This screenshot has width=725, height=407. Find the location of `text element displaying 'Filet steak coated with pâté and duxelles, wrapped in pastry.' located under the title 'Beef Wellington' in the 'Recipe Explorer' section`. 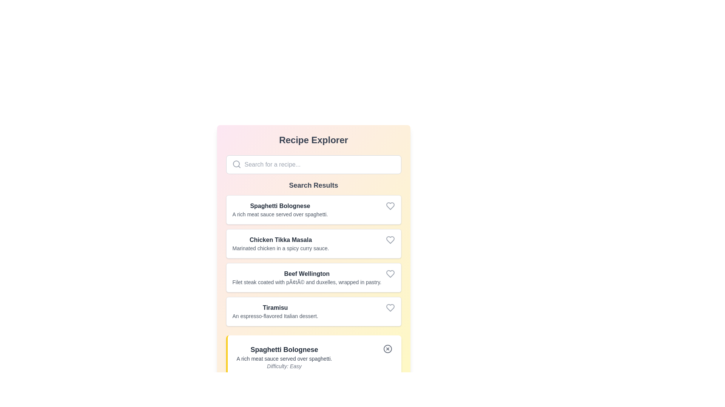

text element displaying 'Filet steak coated with pâté and duxelles, wrapped in pastry.' located under the title 'Beef Wellington' in the 'Recipe Explorer' section is located at coordinates (307, 282).